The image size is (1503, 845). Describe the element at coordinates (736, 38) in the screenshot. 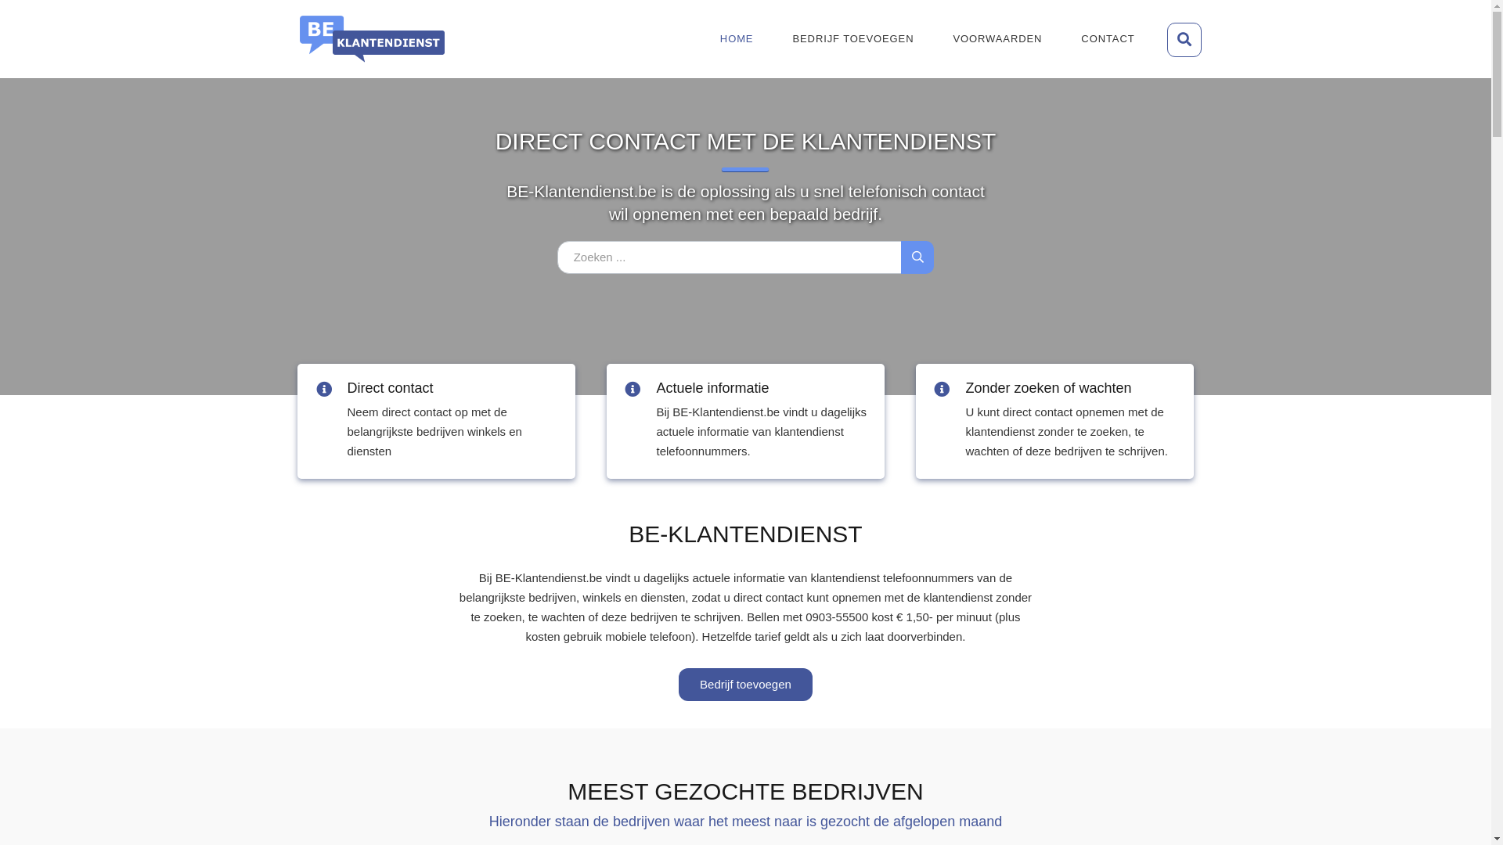

I see `'HOME'` at that location.